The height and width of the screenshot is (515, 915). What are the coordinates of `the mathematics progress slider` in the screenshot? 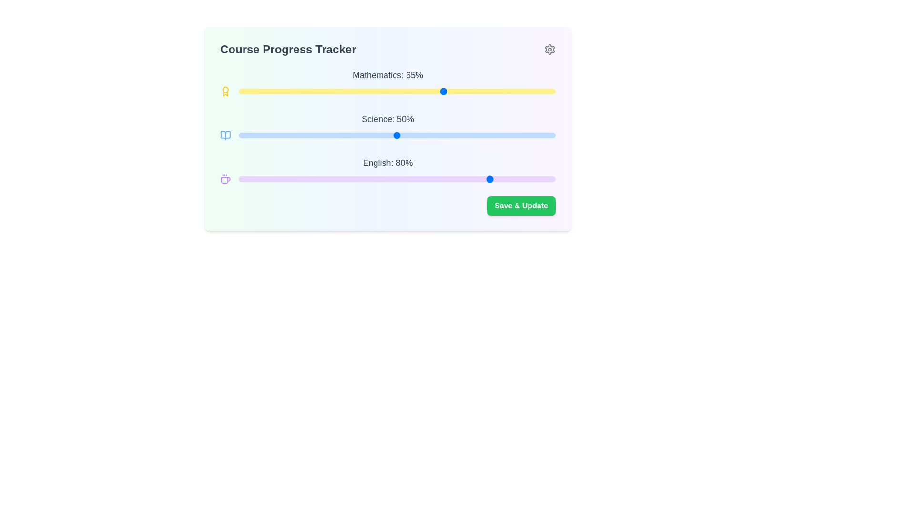 It's located at (533, 92).